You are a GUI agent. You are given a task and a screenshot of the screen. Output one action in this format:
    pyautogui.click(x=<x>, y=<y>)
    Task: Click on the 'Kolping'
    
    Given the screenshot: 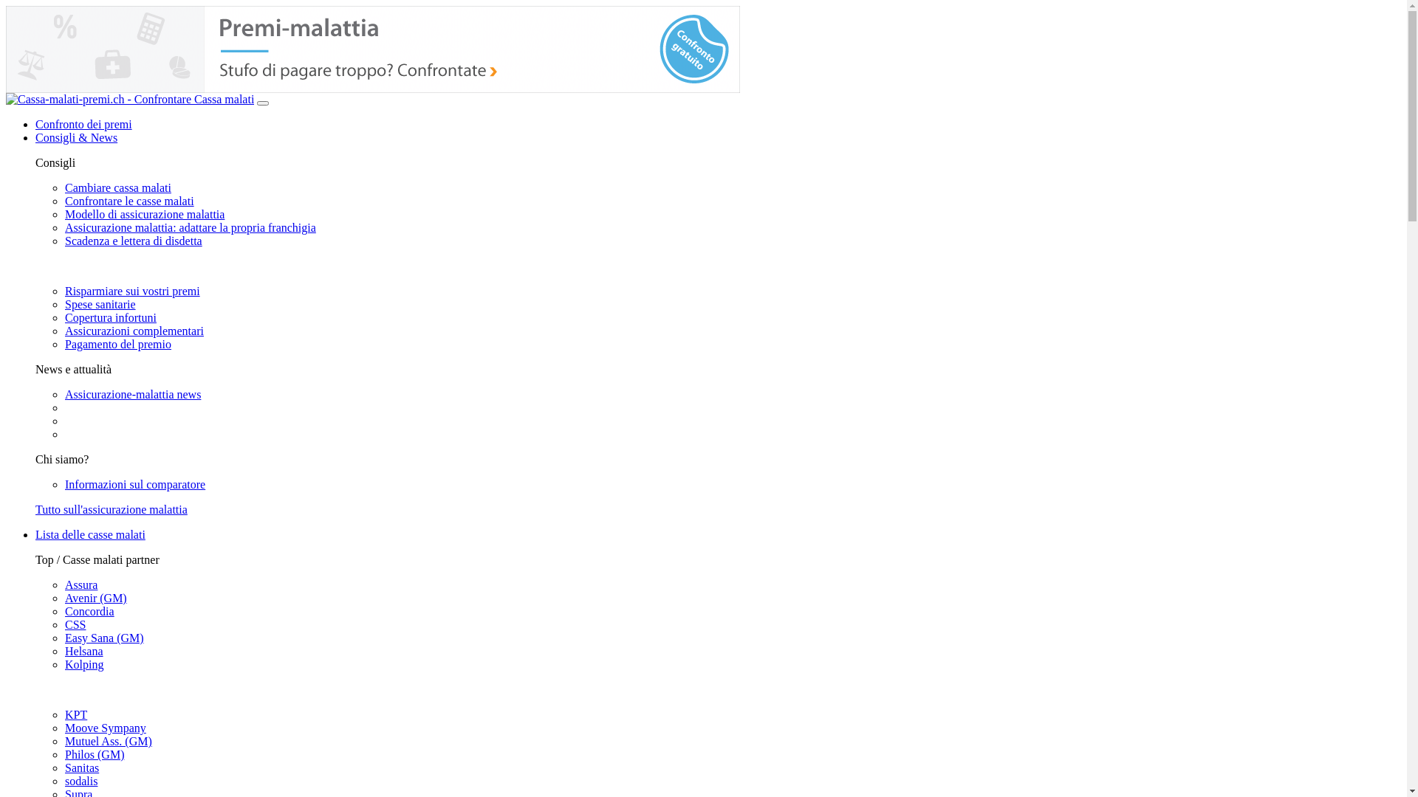 What is the action you would take?
    pyautogui.click(x=83, y=664)
    